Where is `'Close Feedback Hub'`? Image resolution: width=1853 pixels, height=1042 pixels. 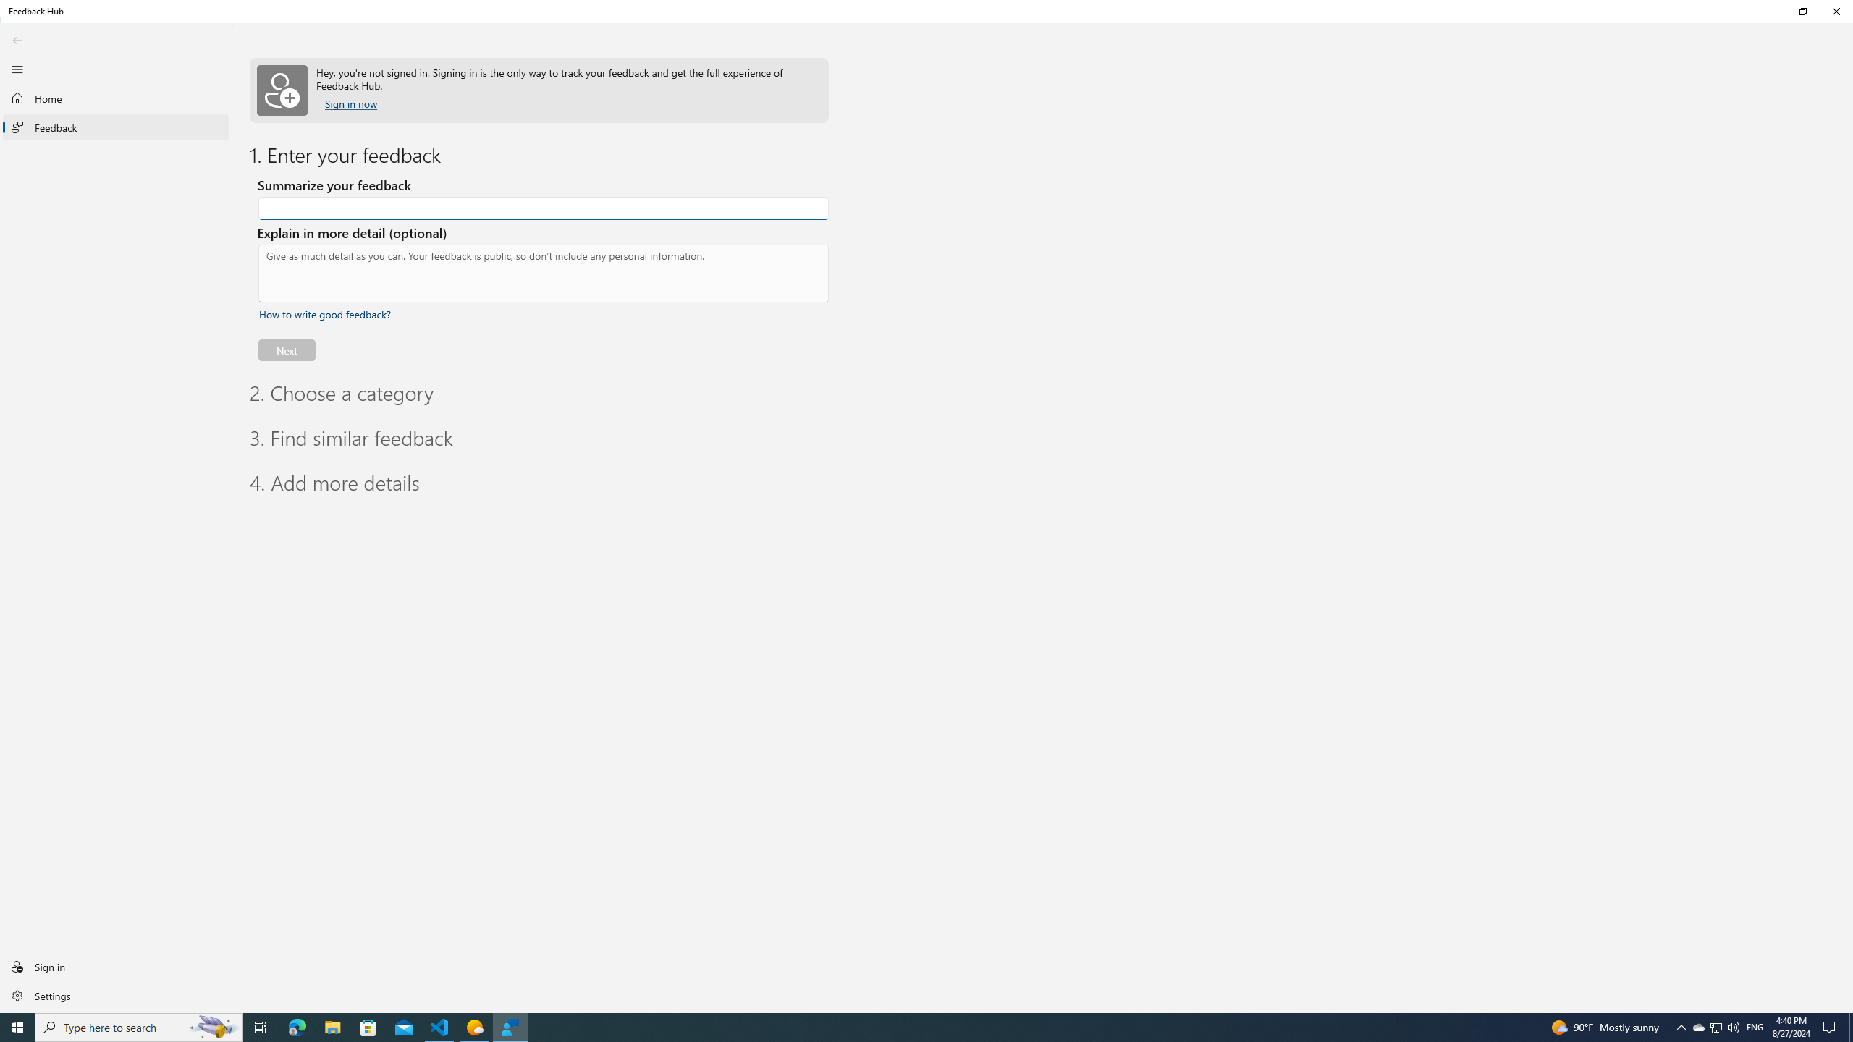 'Close Feedback Hub' is located at coordinates (1835, 11).